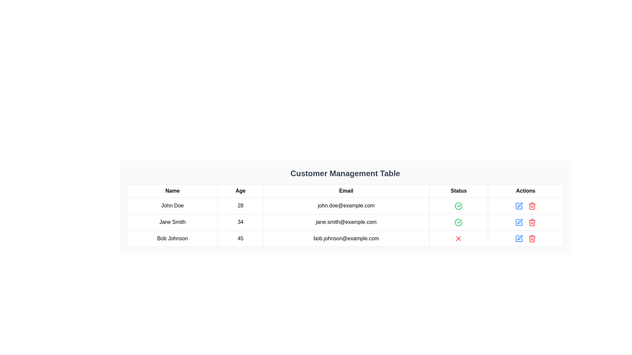 The height and width of the screenshot is (355, 632). What do you see at coordinates (345, 222) in the screenshot?
I see `the second row in the 'Customer Management Table' for the individual named Jane Smith, which includes details about her name, age, and email` at bounding box center [345, 222].